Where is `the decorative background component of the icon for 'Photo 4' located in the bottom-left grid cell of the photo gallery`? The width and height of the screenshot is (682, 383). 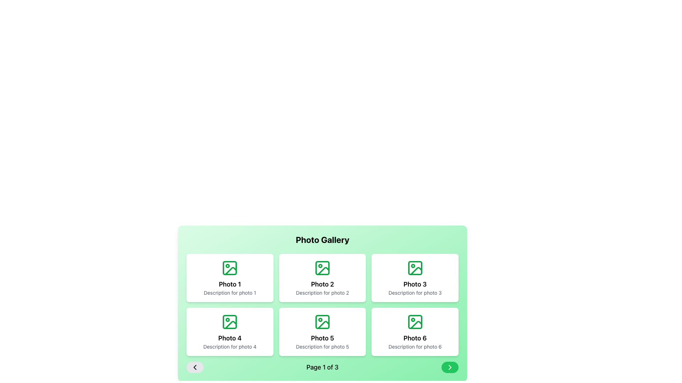
the decorative background component of the icon for 'Photo 4' located in the bottom-left grid cell of the photo gallery is located at coordinates (230, 322).